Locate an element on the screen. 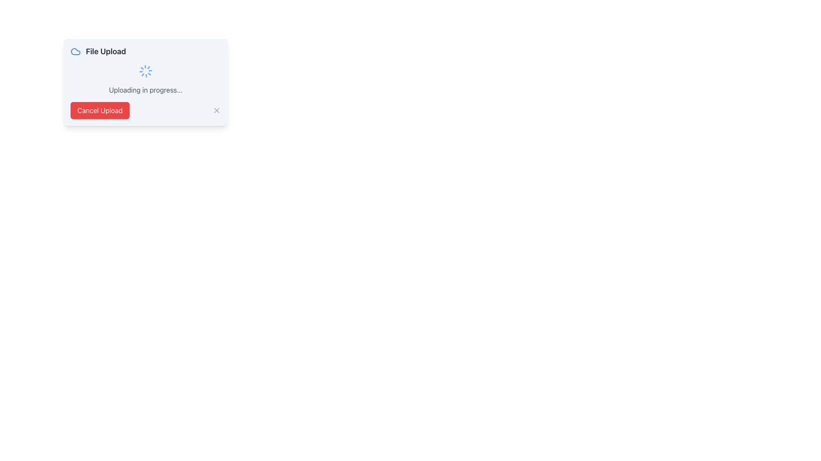 The image size is (821, 461). the cloud icon located in the upper-left section of the file upload progress modal, next to the 'File Upload' text is located at coordinates (76, 51).